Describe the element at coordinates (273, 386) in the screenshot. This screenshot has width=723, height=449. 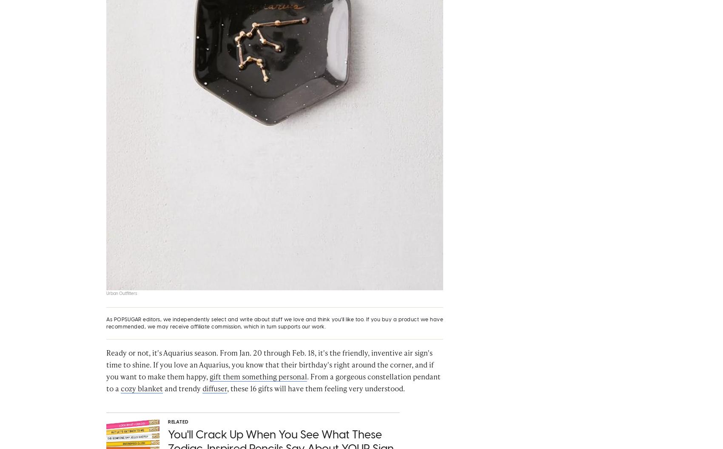
I see `'. From a gorgeous constellation pendant to a'` at that location.